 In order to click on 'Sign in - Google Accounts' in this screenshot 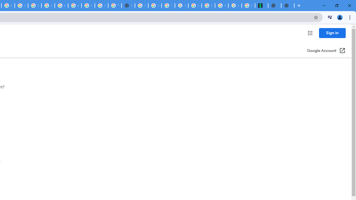, I will do `click(141, 6)`.